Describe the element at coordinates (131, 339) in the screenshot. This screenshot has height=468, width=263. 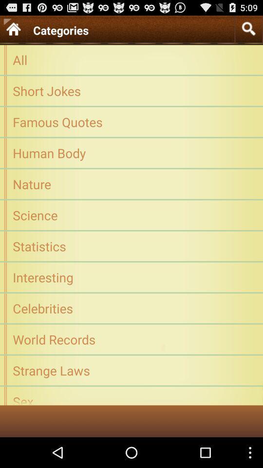
I see `icon below celebrities item` at that location.